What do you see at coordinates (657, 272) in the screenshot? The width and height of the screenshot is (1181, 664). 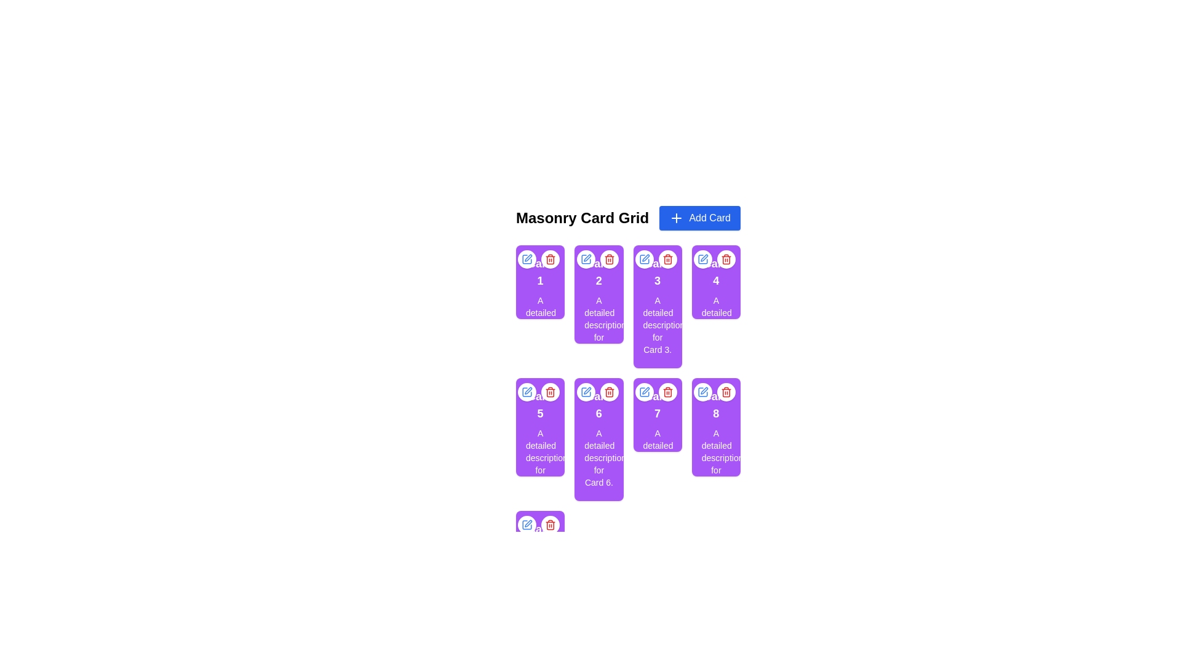 I see `the header text of 'Card 3', which is positioned at the top of the purple card in the grid layout` at bounding box center [657, 272].